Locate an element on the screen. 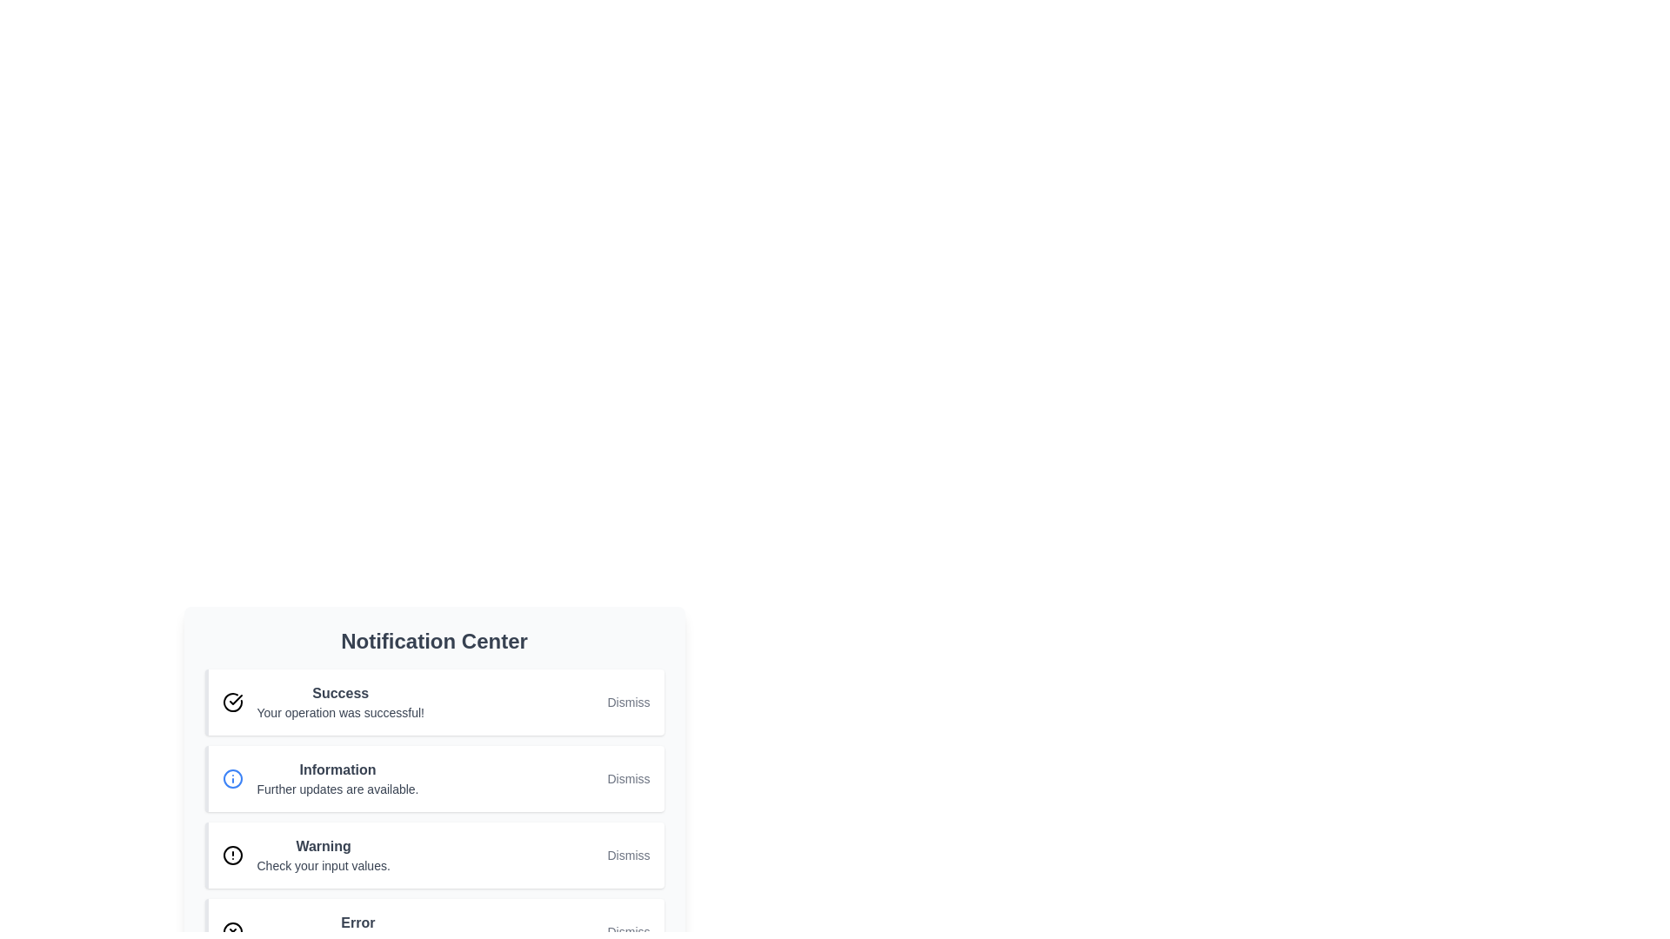 This screenshot has width=1670, height=939. the warning icon located to the left of the 'Warning' notification in the third row of the Notification Center panel is located at coordinates (231, 854).